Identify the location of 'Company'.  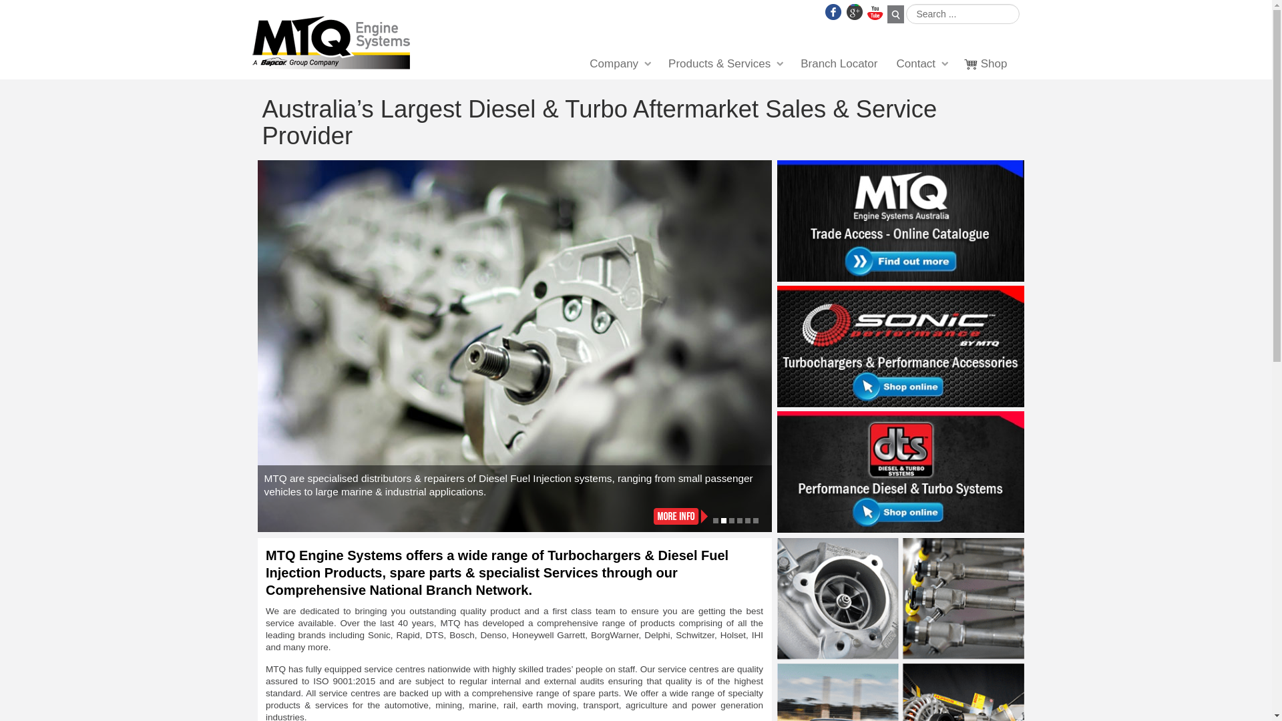
(618, 64).